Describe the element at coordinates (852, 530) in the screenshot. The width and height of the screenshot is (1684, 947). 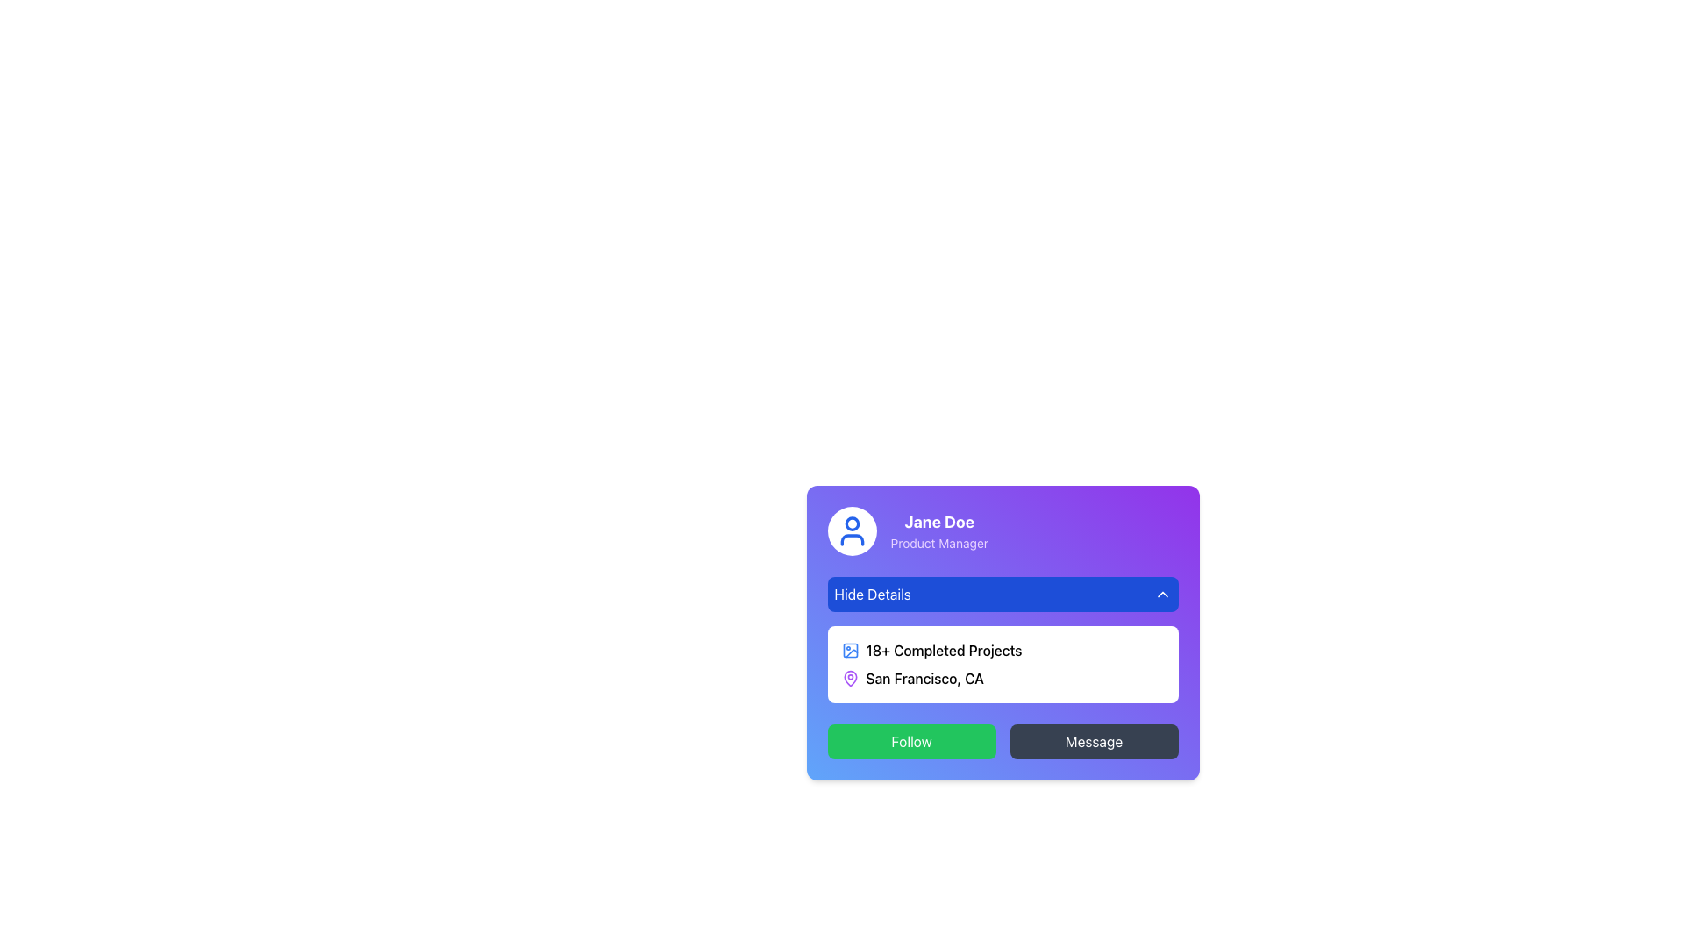
I see `the user icon, which is a simple and modern design in blue and white, located at the top-left corner of the card interface` at that location.